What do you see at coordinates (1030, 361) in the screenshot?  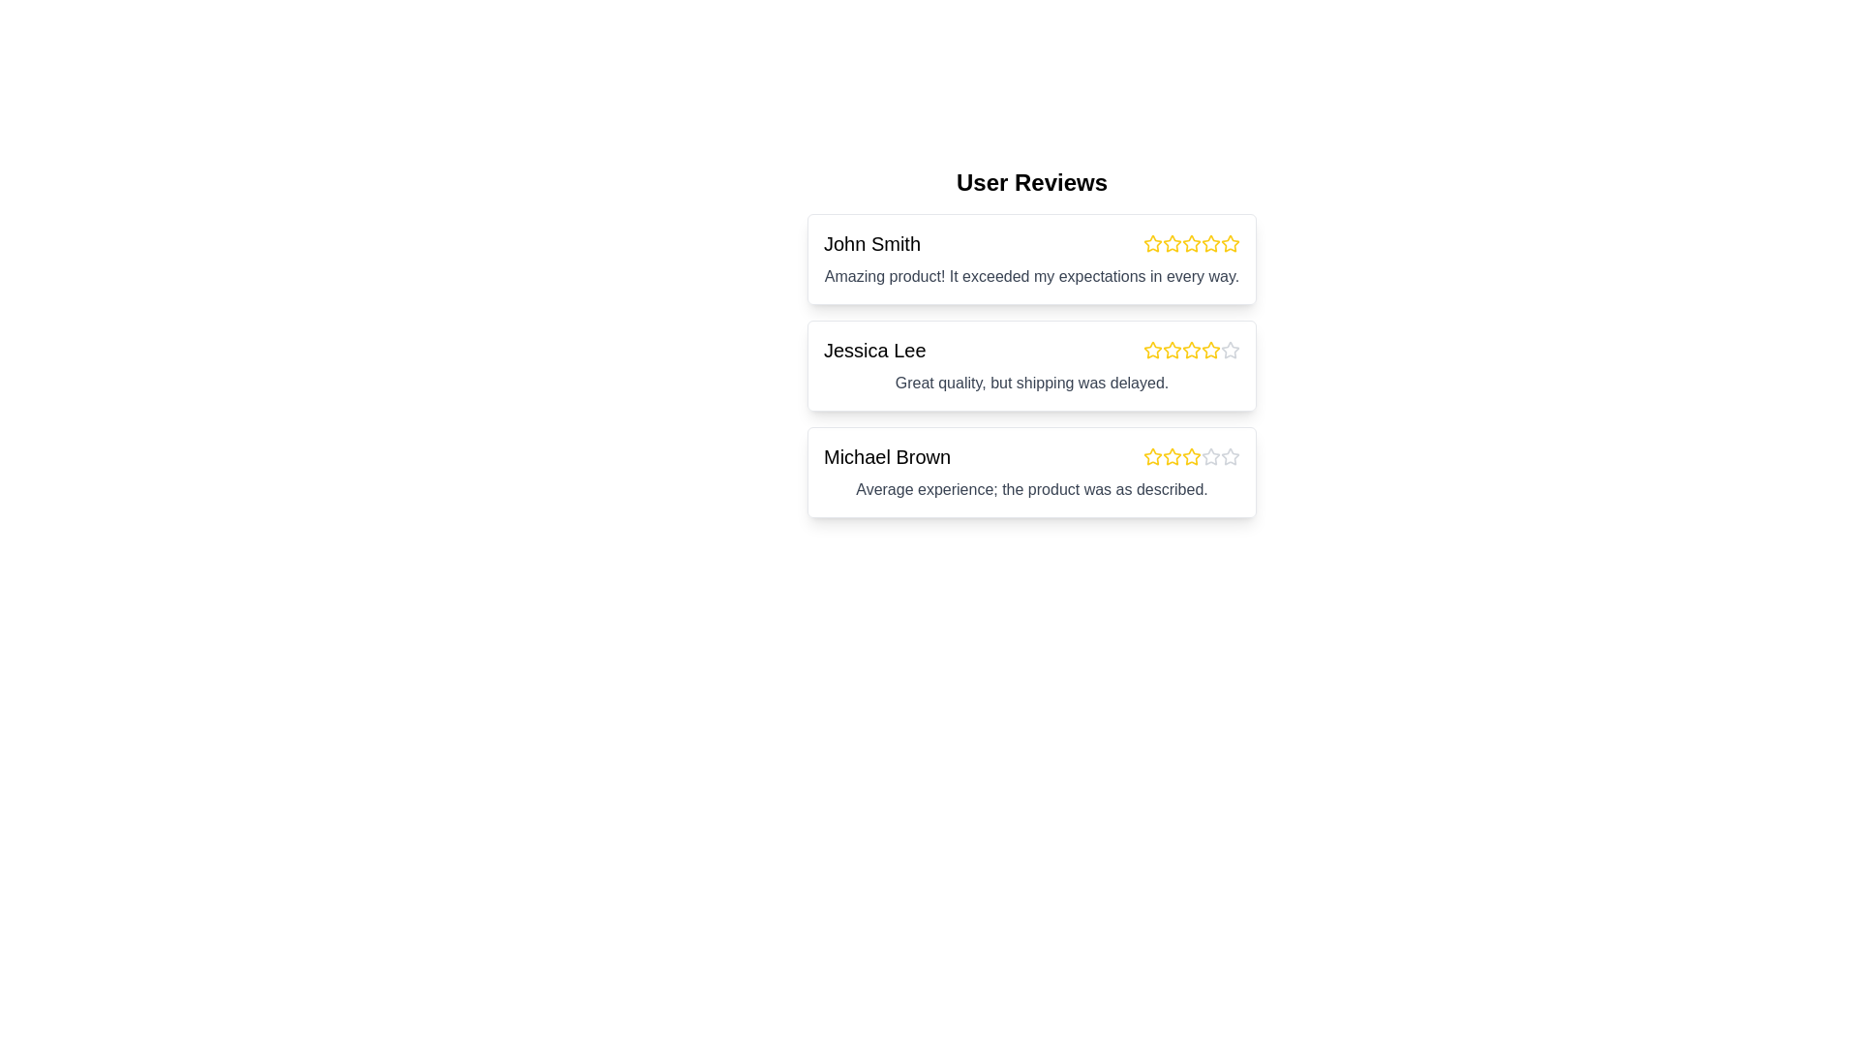 I see `the UserFeedbackSummary component to access the browser's context menu` at bounding box center [1030, 361].